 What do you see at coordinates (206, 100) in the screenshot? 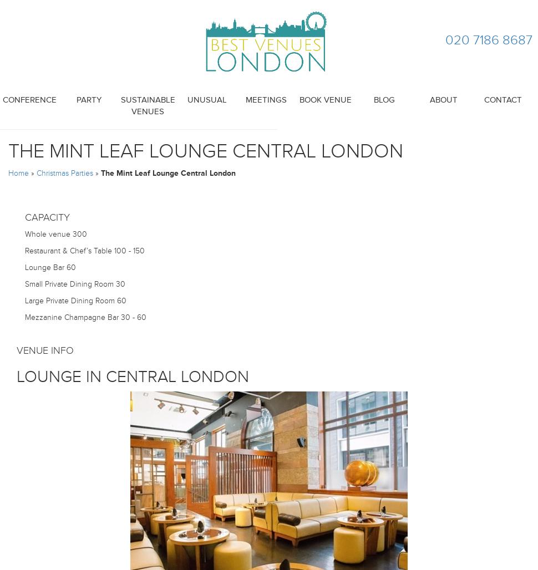
I see `'Unusual'` at bounding box center [206, 100].